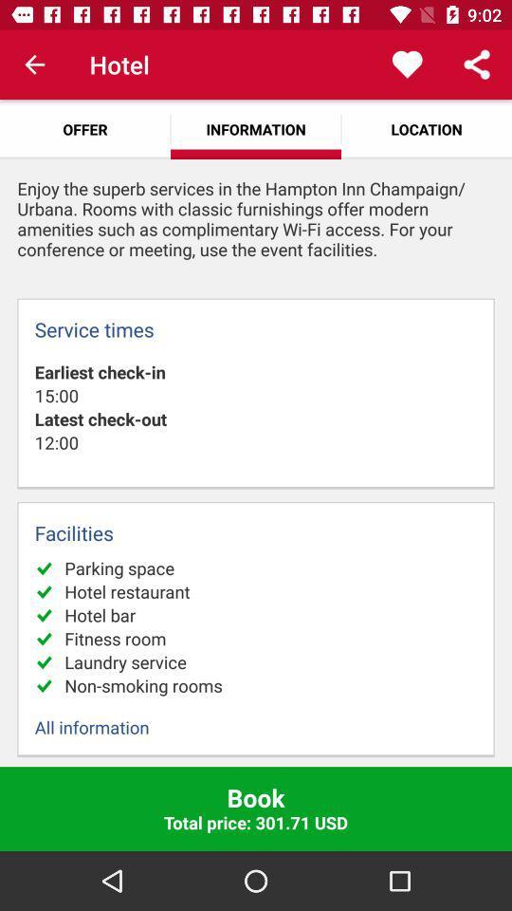 This screenshot has width=512, height=911. Describe the element at coordinates (406, 65) in the screenshot. I see `the app above location icon` at that location.